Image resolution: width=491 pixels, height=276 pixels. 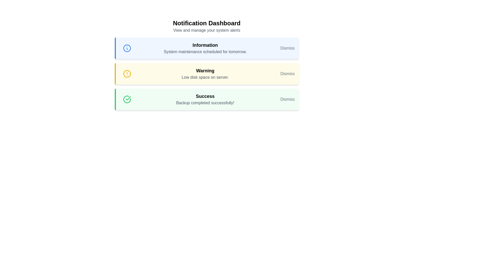 I want to click on the warning notification box indicating low disk space, which is the second item in a vertical stack of notifications, so click(x=207, y=74).